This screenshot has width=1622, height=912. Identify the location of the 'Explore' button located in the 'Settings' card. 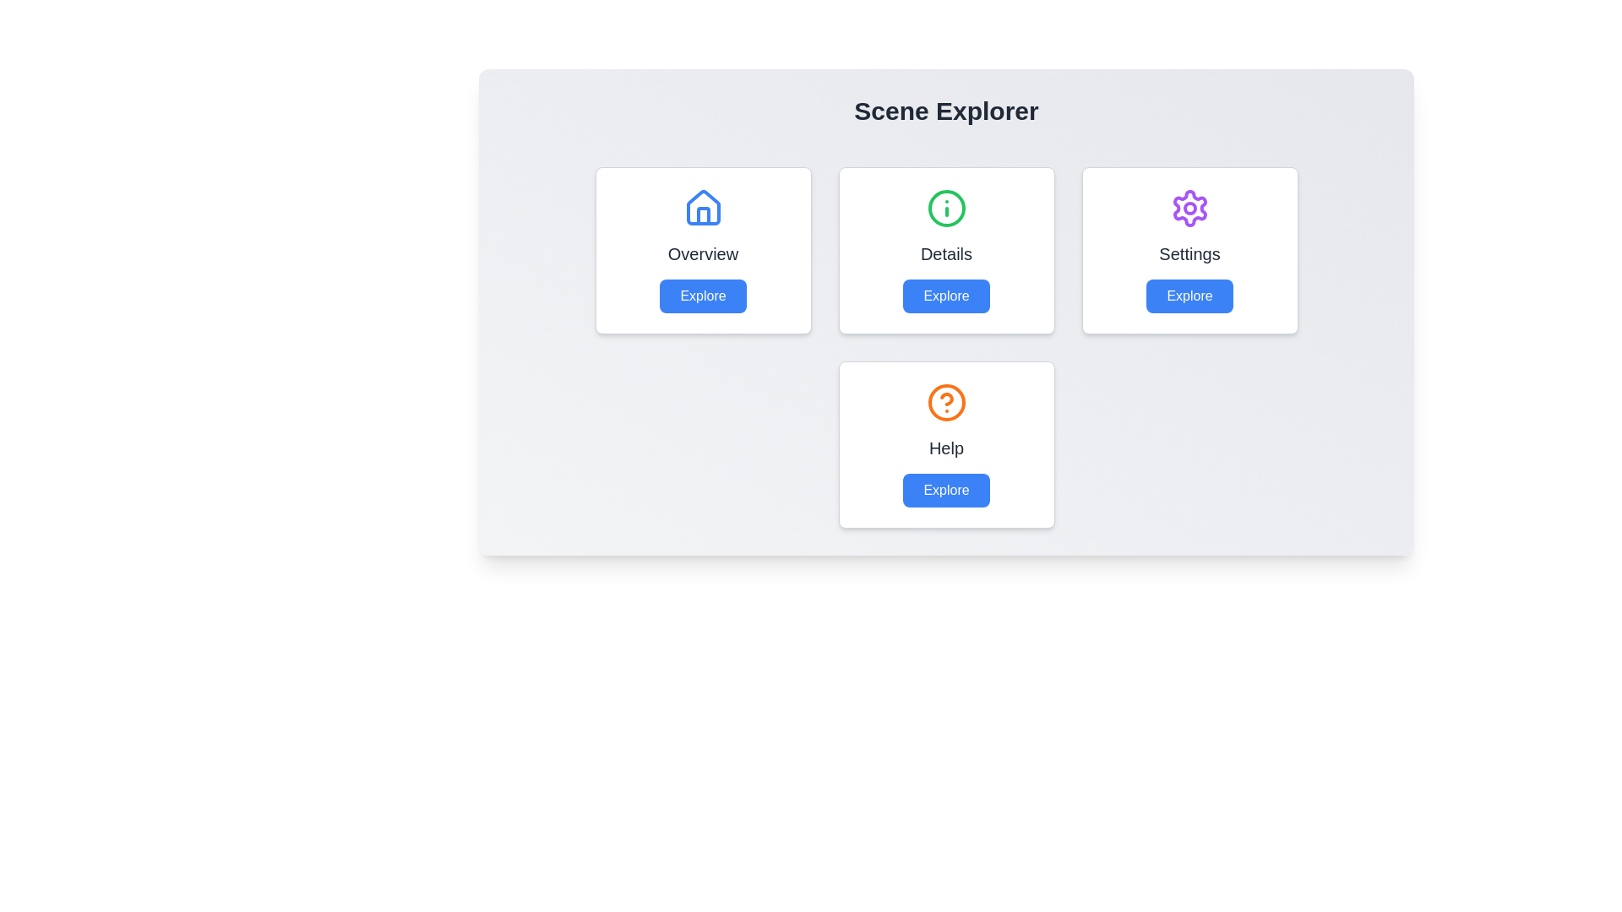
(1189, 296).